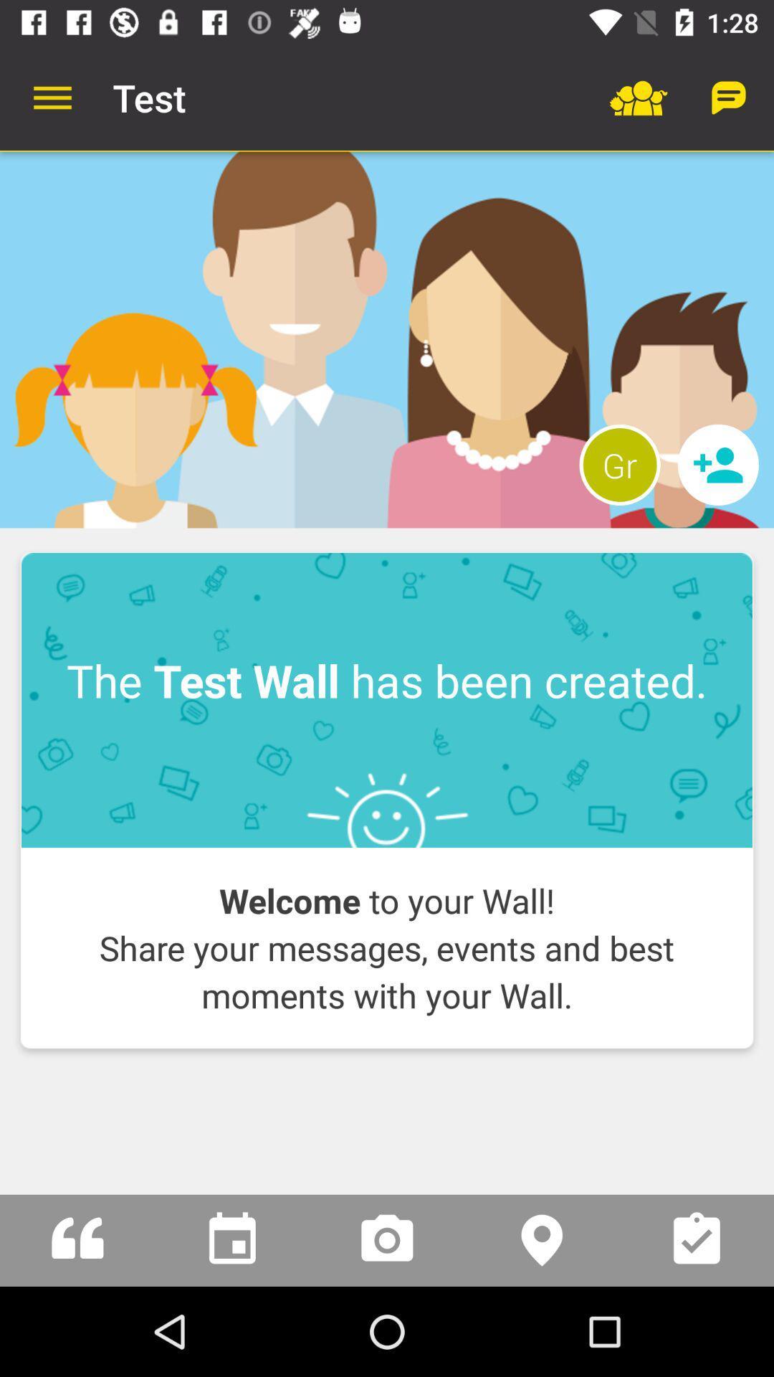 This screenshot has height=1377, width=774. Describe the element at coordinates (387, 700) in the screenshot. I see `the the test wall item` at that location.